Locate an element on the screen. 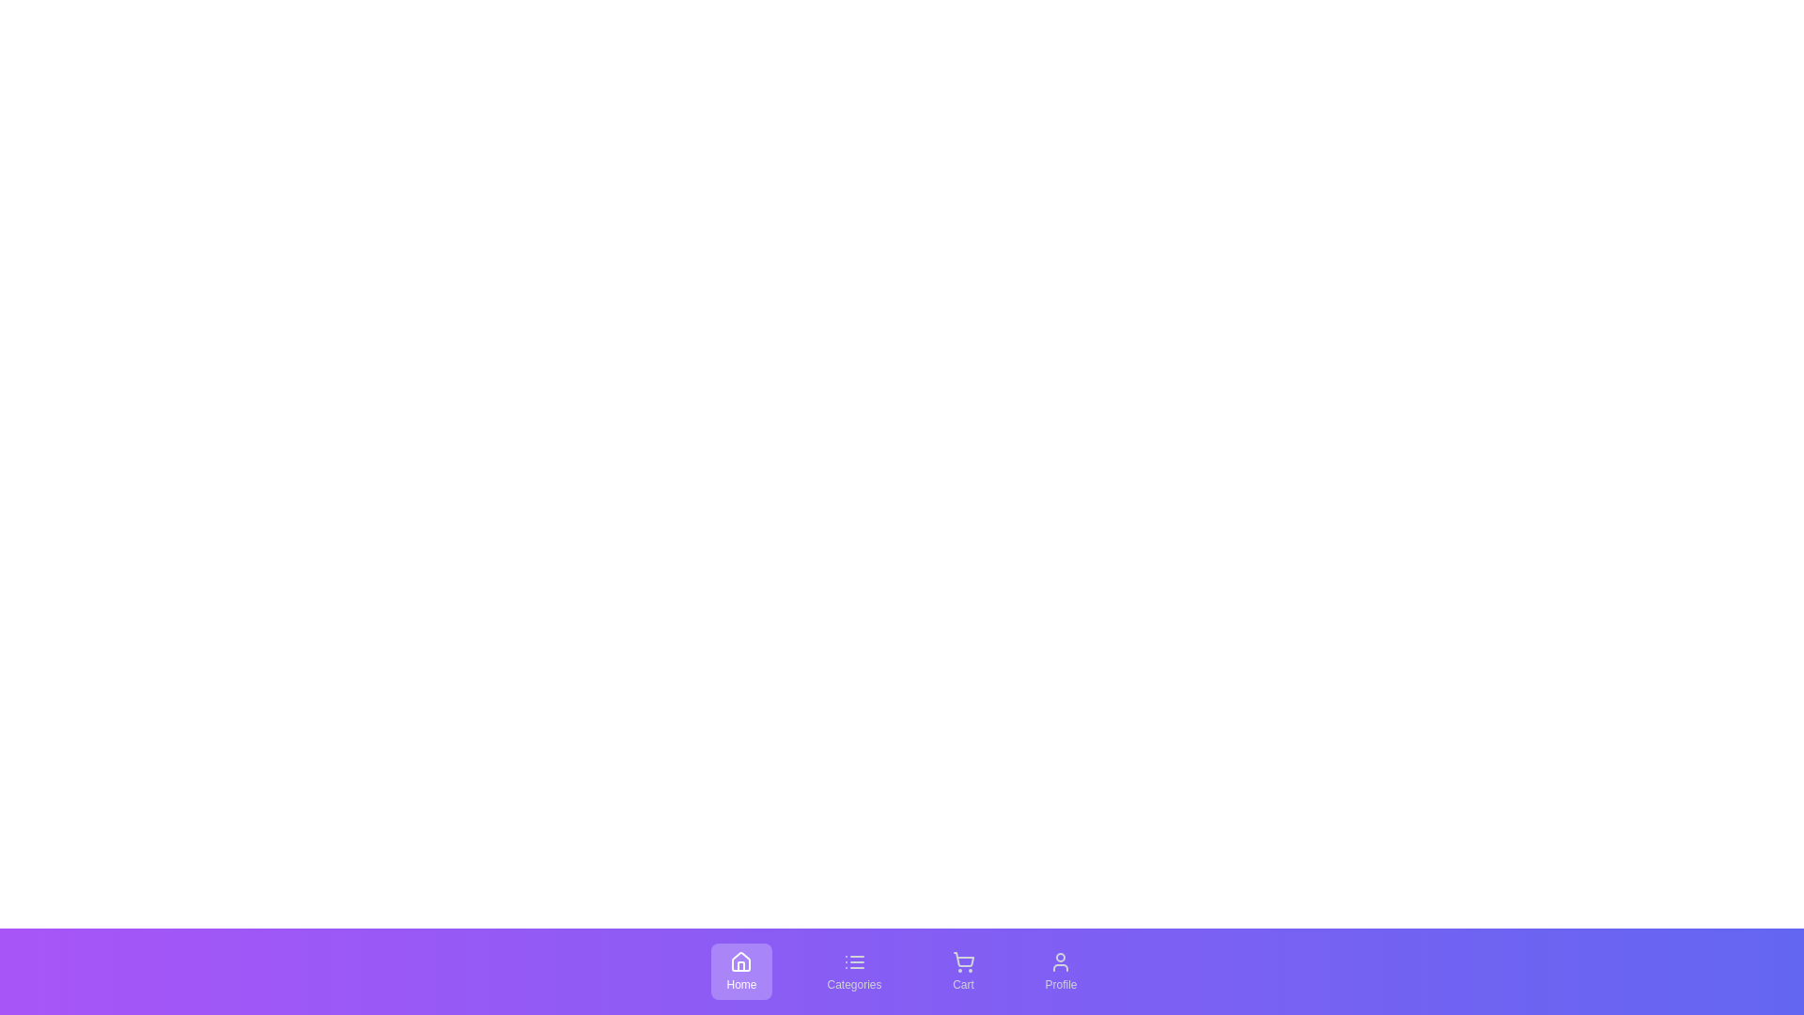 This screenshot has width=1804, height=1015. the tab labeled Cart to see its hover effect is located at coordinates (963, 971).